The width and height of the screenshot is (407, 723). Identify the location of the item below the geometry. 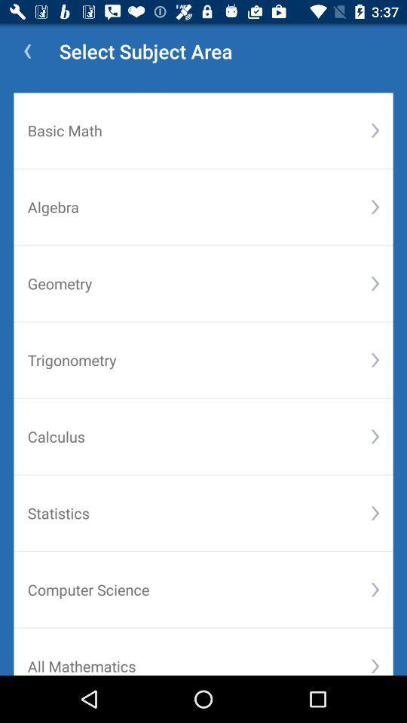
(374, 360).